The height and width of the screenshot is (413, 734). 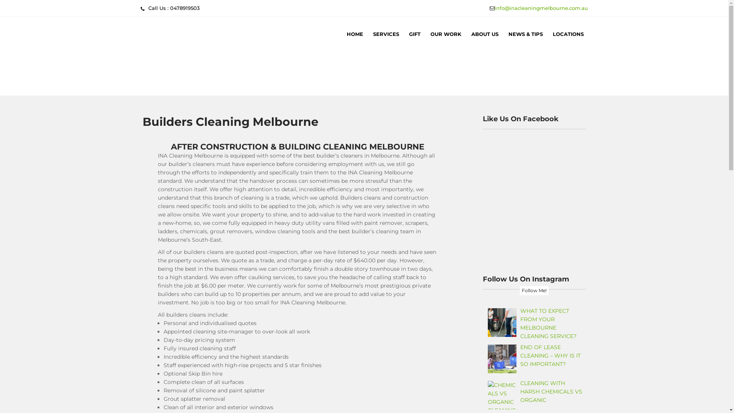 I want to click on 'SERVICES', so click(x=385, y=33).